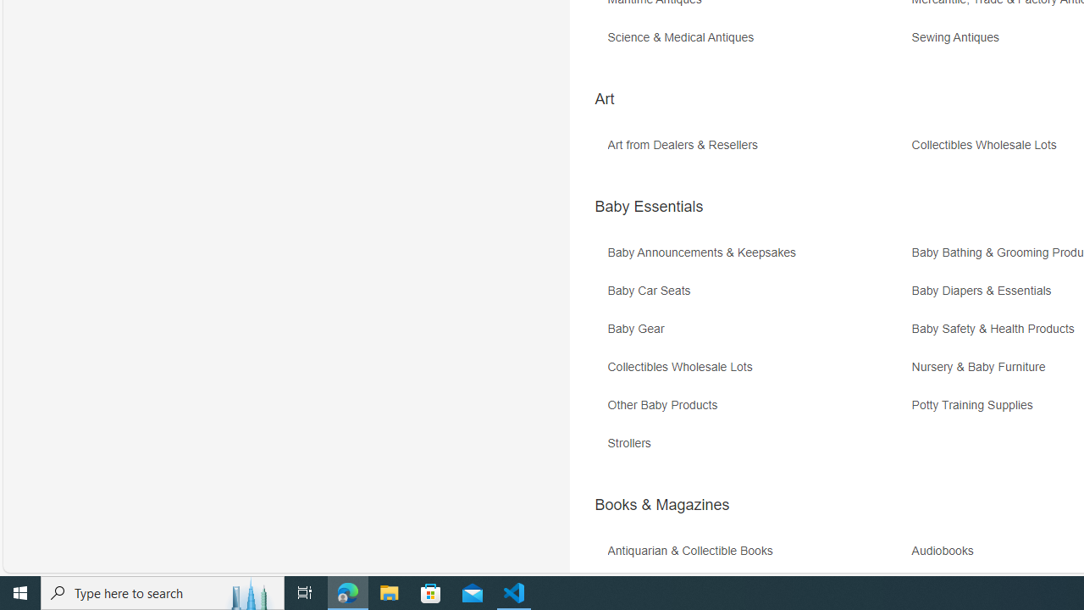 This screenshot has width=1084, height=610. What do you see at coordinates (756, 42) in the screenshot?
I see `'Science & Medical Antiques'` at bounding box center [756, 42].